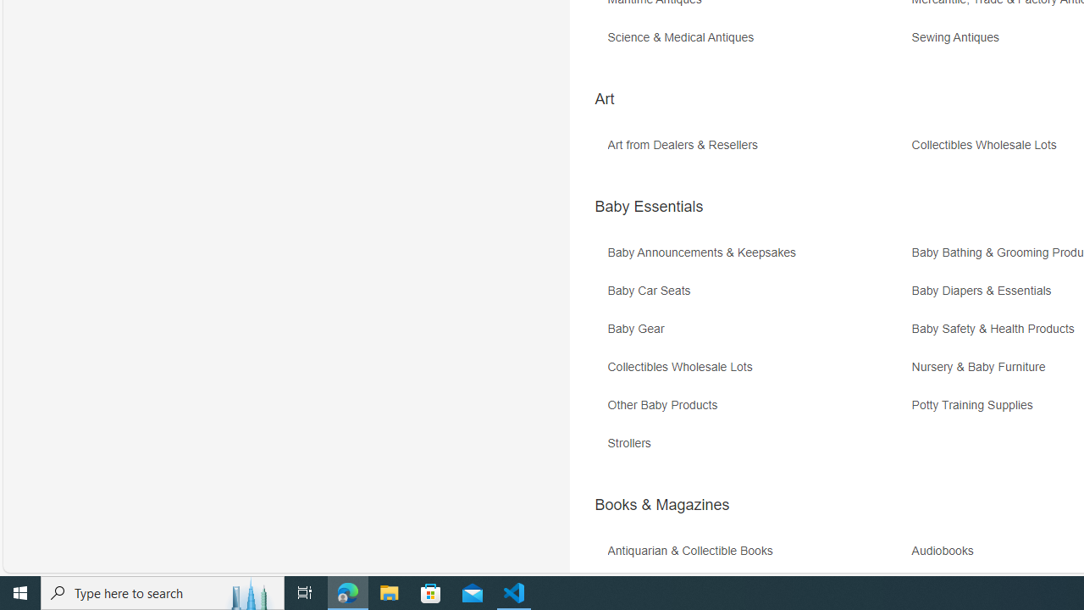 This screenshot has width=1084, height=610. What do you see at coordinates (756, 42) in the screenshot?
I see `'Science & Medical Antiques'` at bounding box center [756, 42].